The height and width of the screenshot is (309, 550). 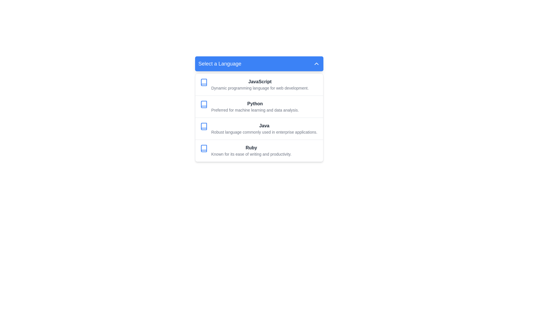 What do you see at coordinates (259, 150) in the screenshot?
I see `the fourth selectable list item in the dropdown menu labeled 'Select a Language'` at bounding box center [259, 150].